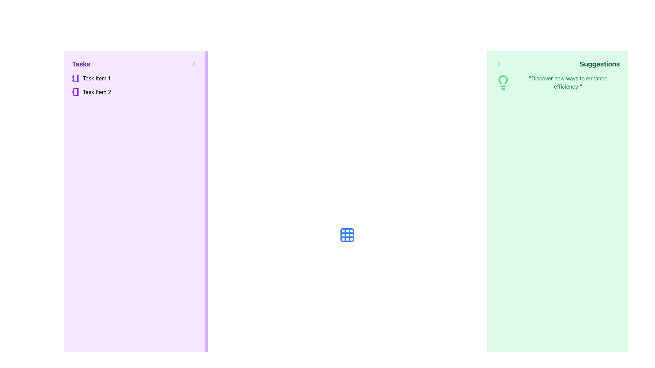  I want to click on the first task item in the 'Tasks' list, so click(134, 78).